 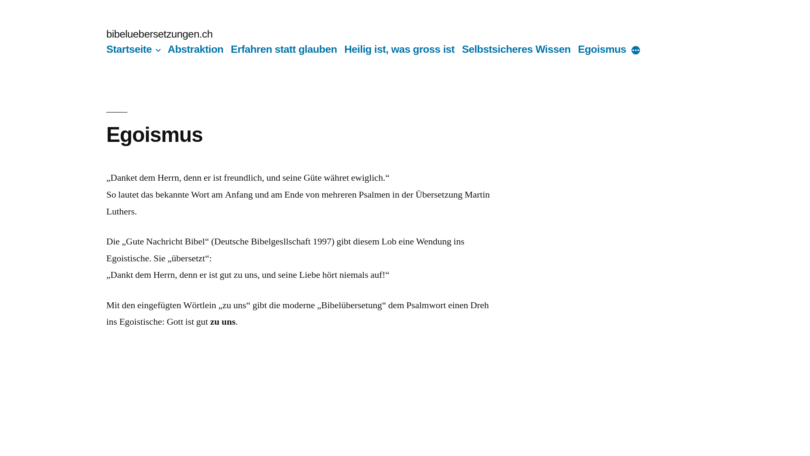 What do you see at coordinates (601, 49) in the screenshot?
I see `'Egoismus'` at bounding box center [601, 49].